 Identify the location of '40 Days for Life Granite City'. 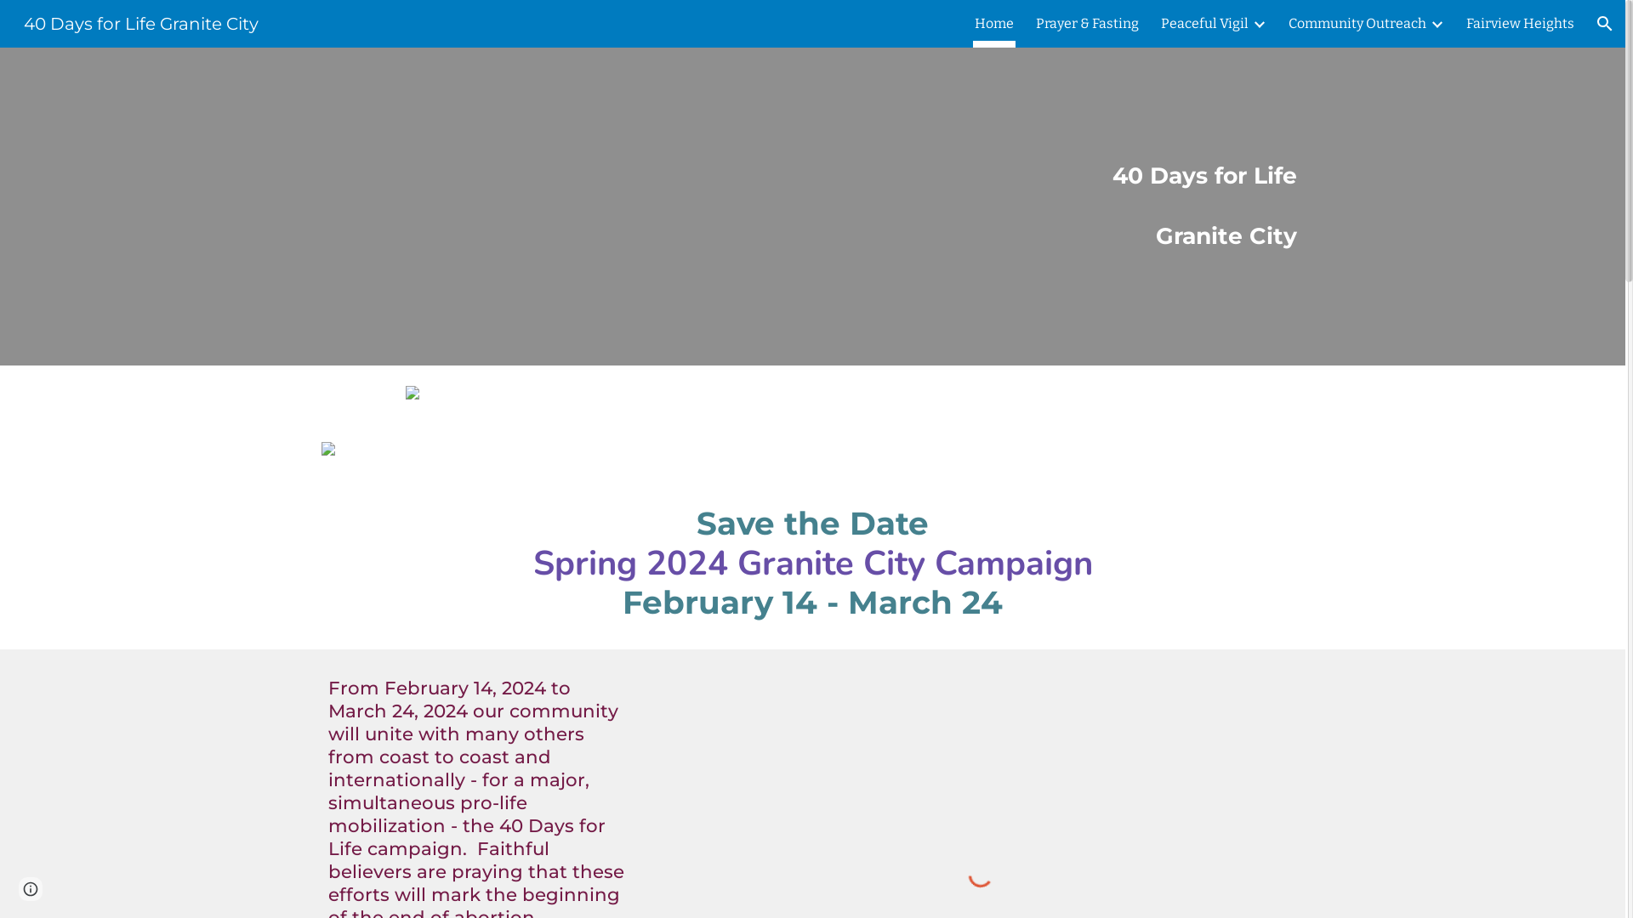
(141, 22).